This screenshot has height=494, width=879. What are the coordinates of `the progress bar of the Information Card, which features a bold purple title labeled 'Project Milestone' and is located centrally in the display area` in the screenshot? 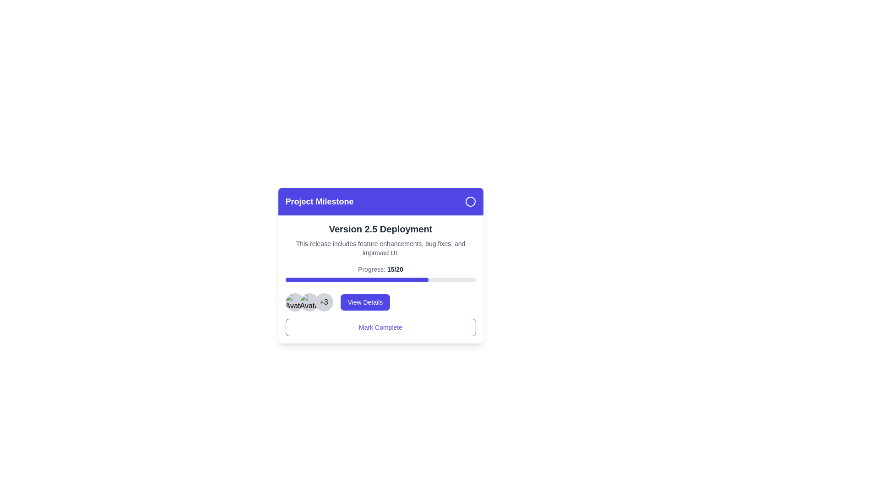 It's located at (380, 266).